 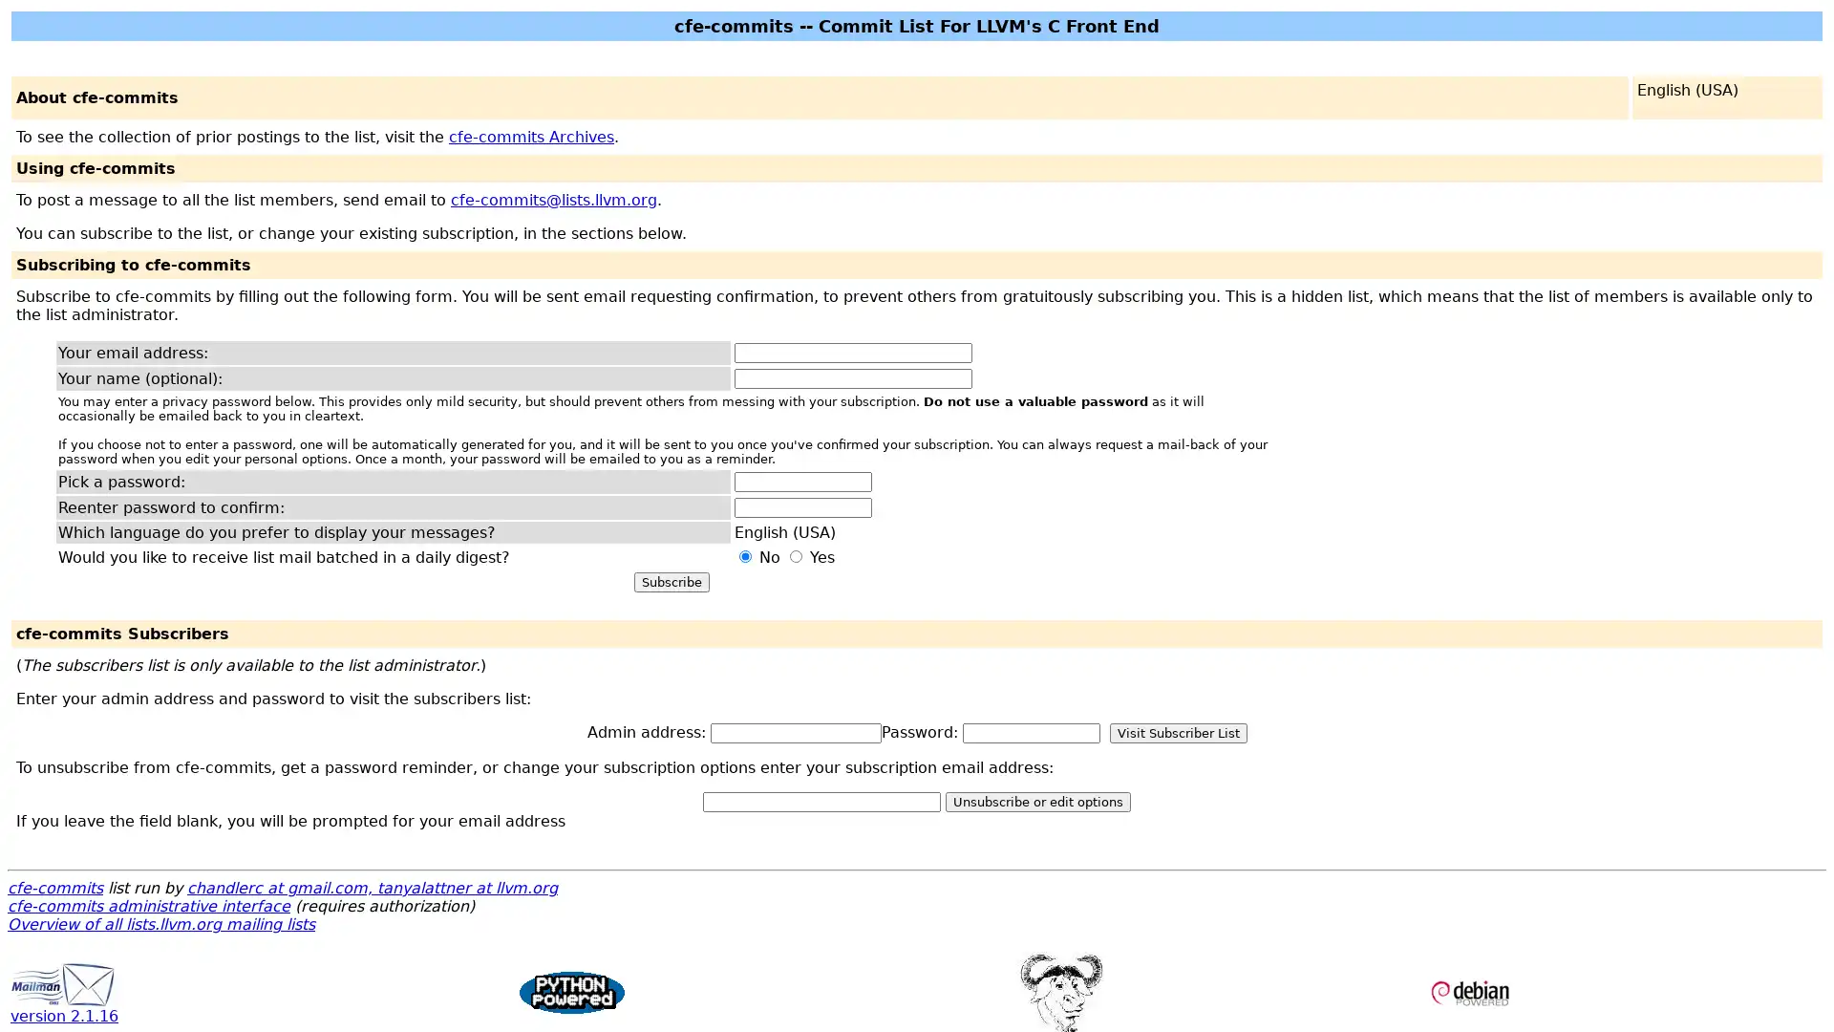 What do you see at coordinates (671, 581) in the screenshot?
I see `Subscribe` at bounding box center [671, 581].